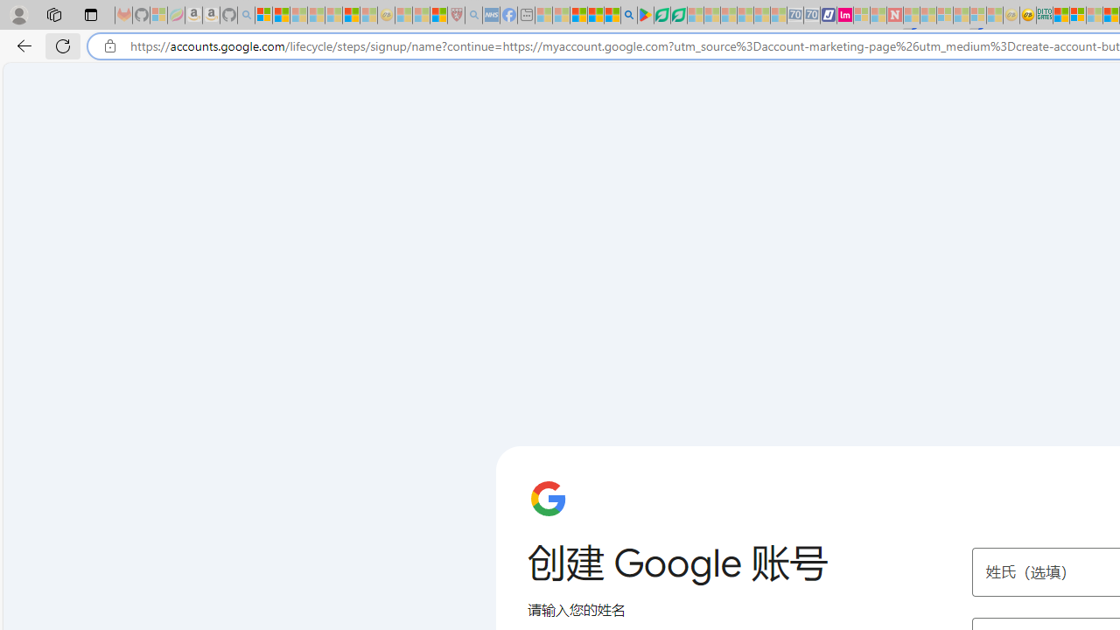 The height and width of the screenshot is (630, 1120). Describe the element at coordinates (677, 15) in the screenshot. I see `'Microsoft Word - consumer-privacy address update 2.2021'` at that location.